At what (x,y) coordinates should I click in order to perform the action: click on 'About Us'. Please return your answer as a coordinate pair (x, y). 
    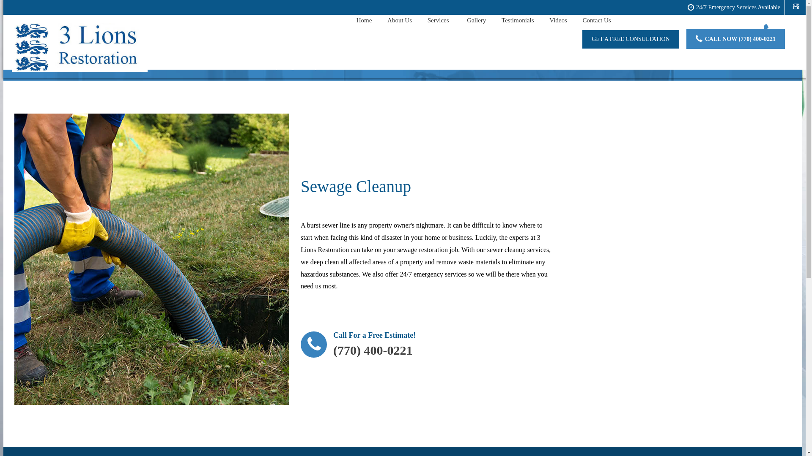
    Looking at the image, I should click on (399, 20).